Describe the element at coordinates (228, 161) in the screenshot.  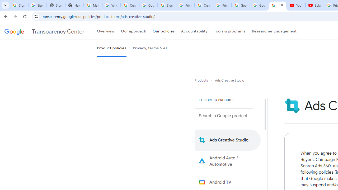
I see `'Learn more about Android Auto'` at that location.